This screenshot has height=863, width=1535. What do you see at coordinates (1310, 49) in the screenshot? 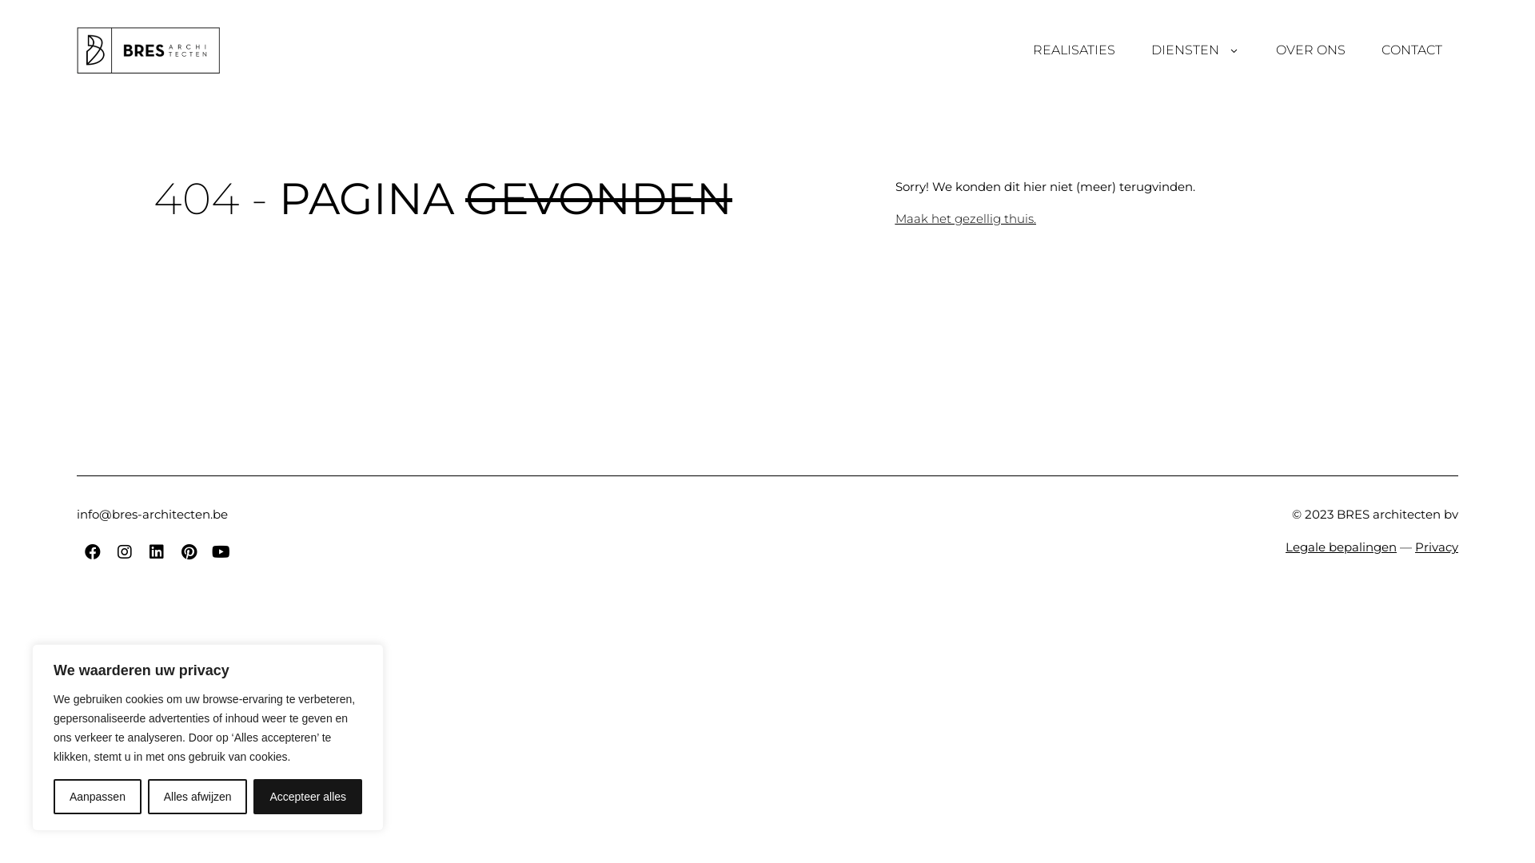
I see `'OVER ONS'` at bounding box center [1310, 49].